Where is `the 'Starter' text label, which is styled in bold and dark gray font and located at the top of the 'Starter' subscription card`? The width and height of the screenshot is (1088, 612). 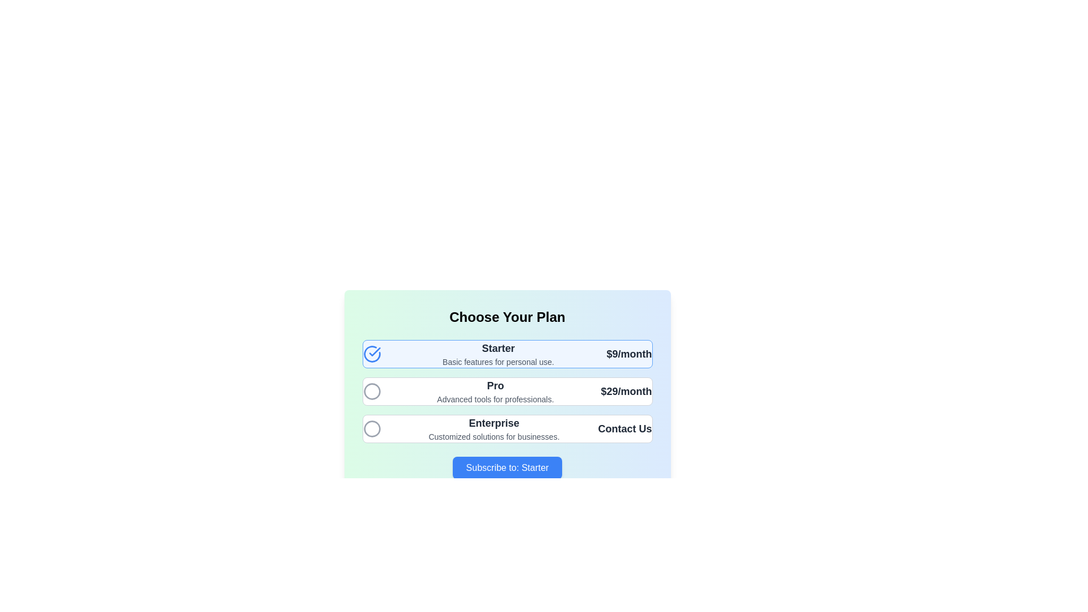 the 'Starter' text label, which is styled in bold and dark gray font and located at the top of the 'Starter' subscription card is located at coordinates (498, 347).